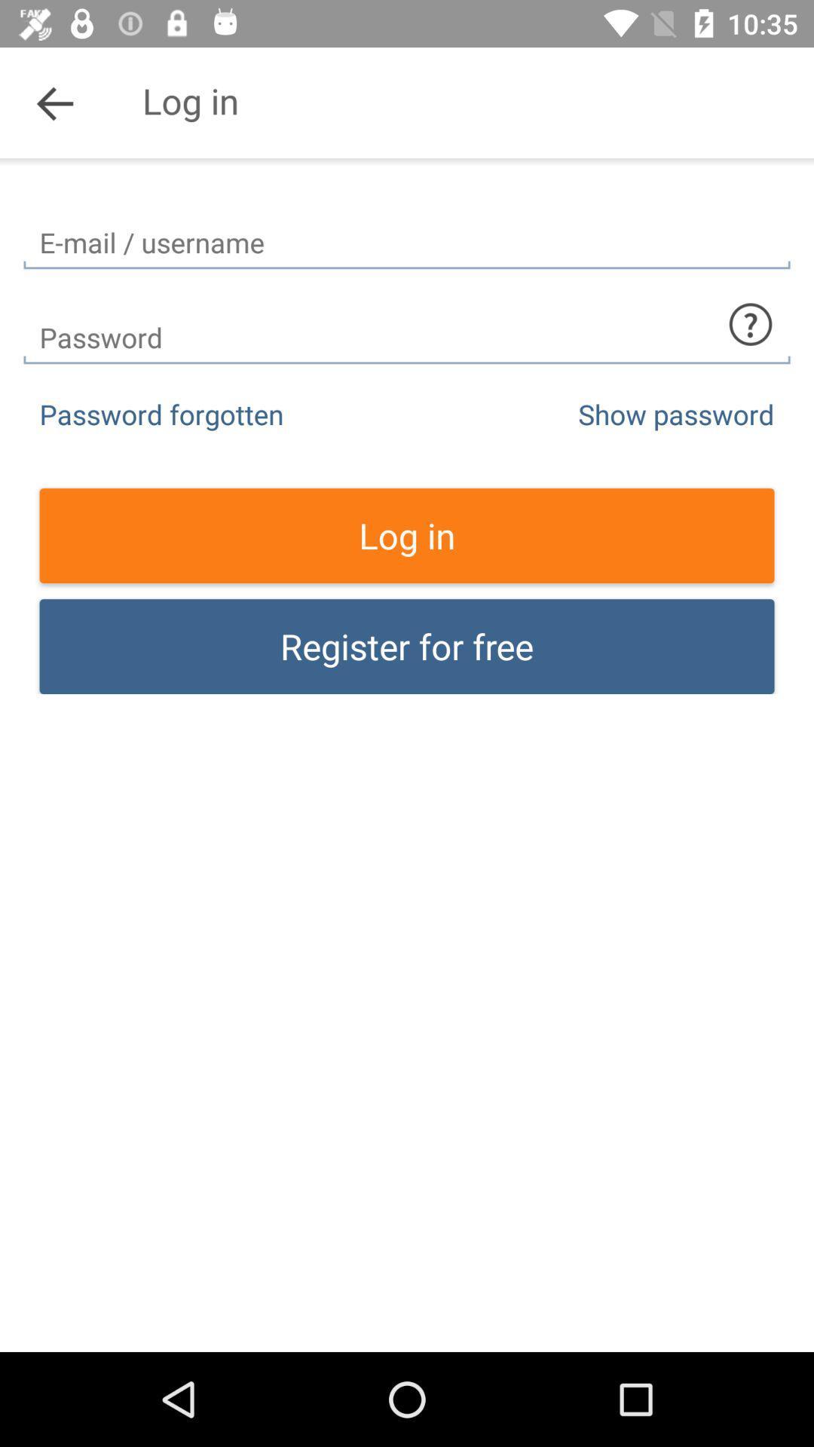 This screenshot has width=814, height=1447. What do you see at coordinates (750, 323) in the screenshot?
I see `this area is a help aid` at bounding box center [750, 323].